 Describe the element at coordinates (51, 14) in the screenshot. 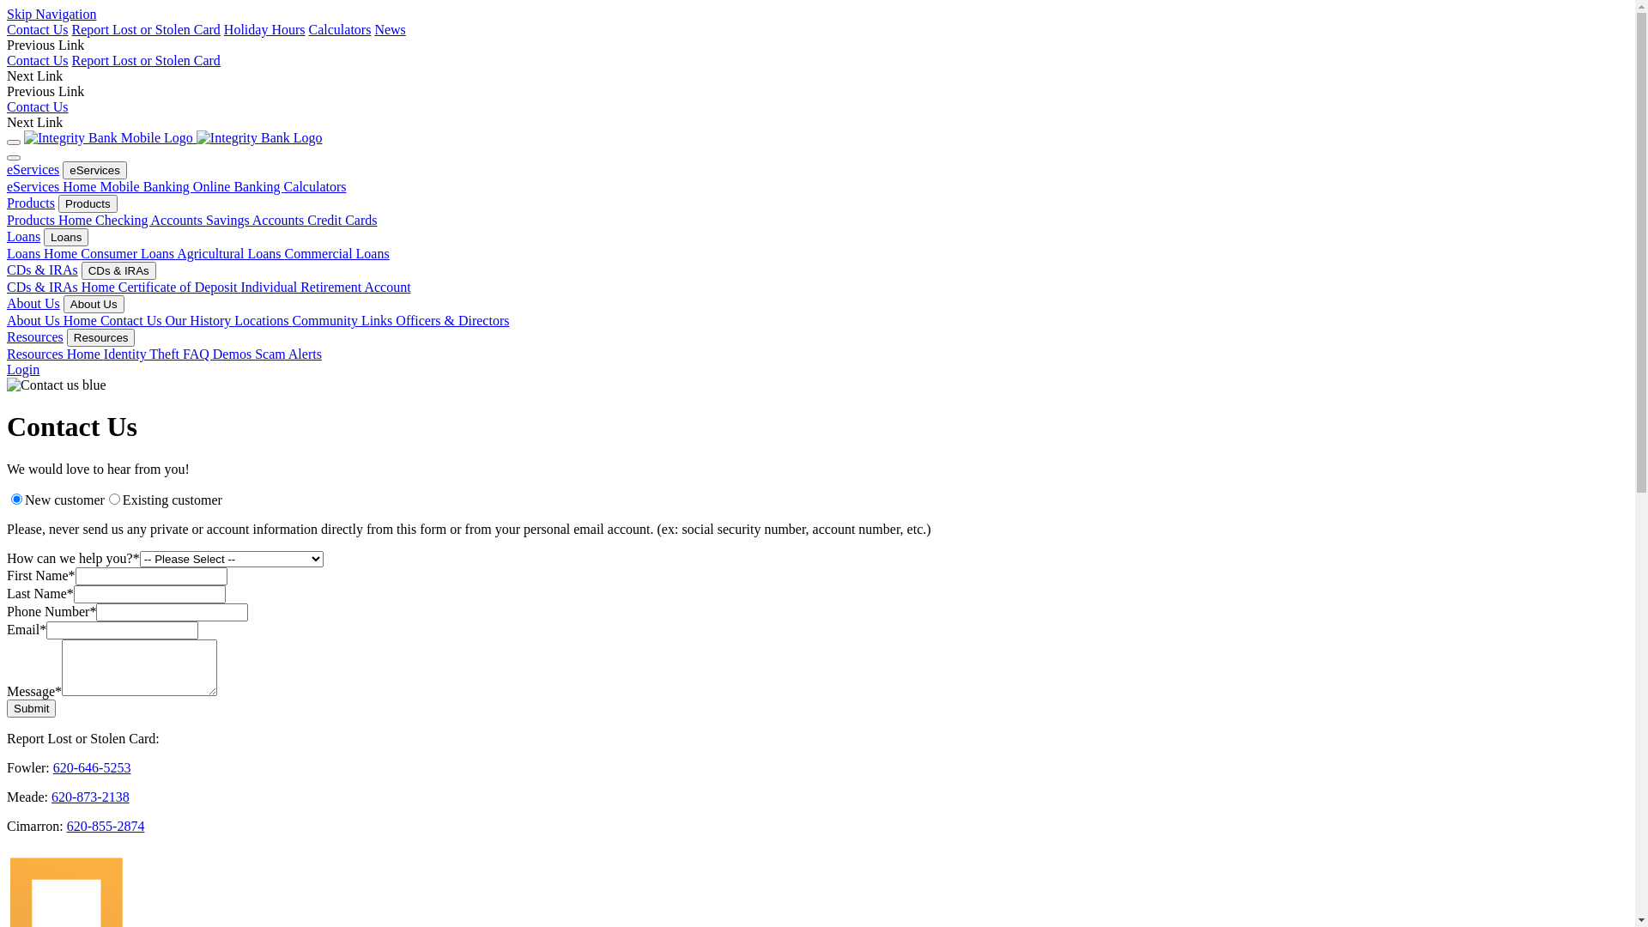

I see `'Skip Navigation'` at that location.